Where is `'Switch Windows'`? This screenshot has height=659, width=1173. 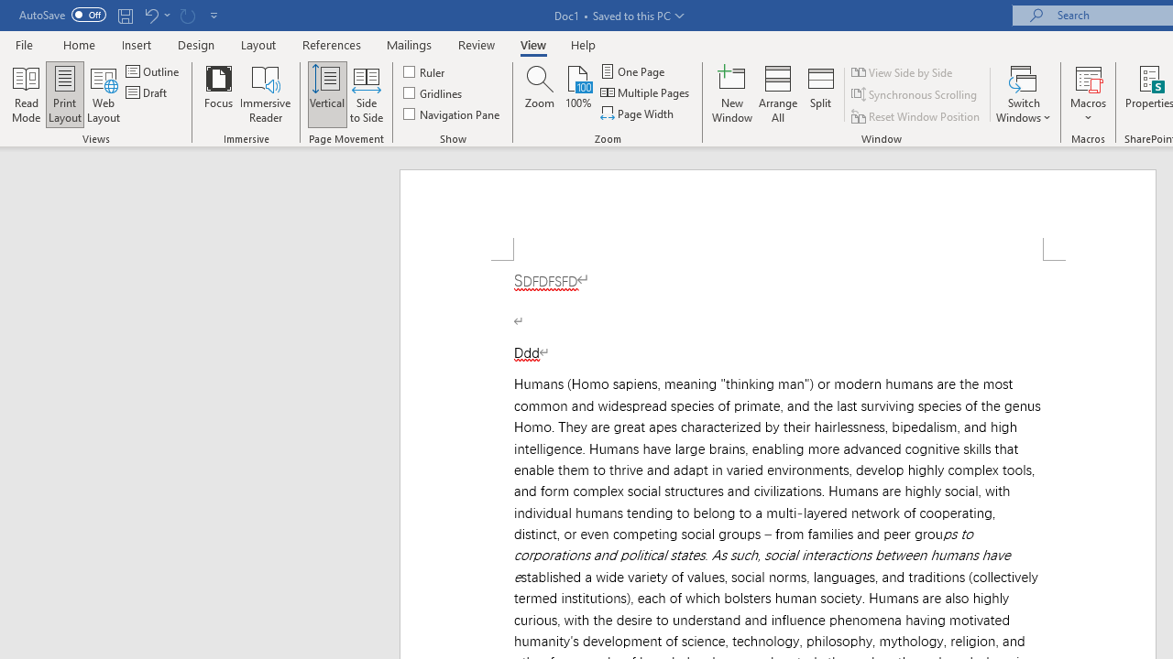
'Switch Windows' is located at coordinates (1023, 94).